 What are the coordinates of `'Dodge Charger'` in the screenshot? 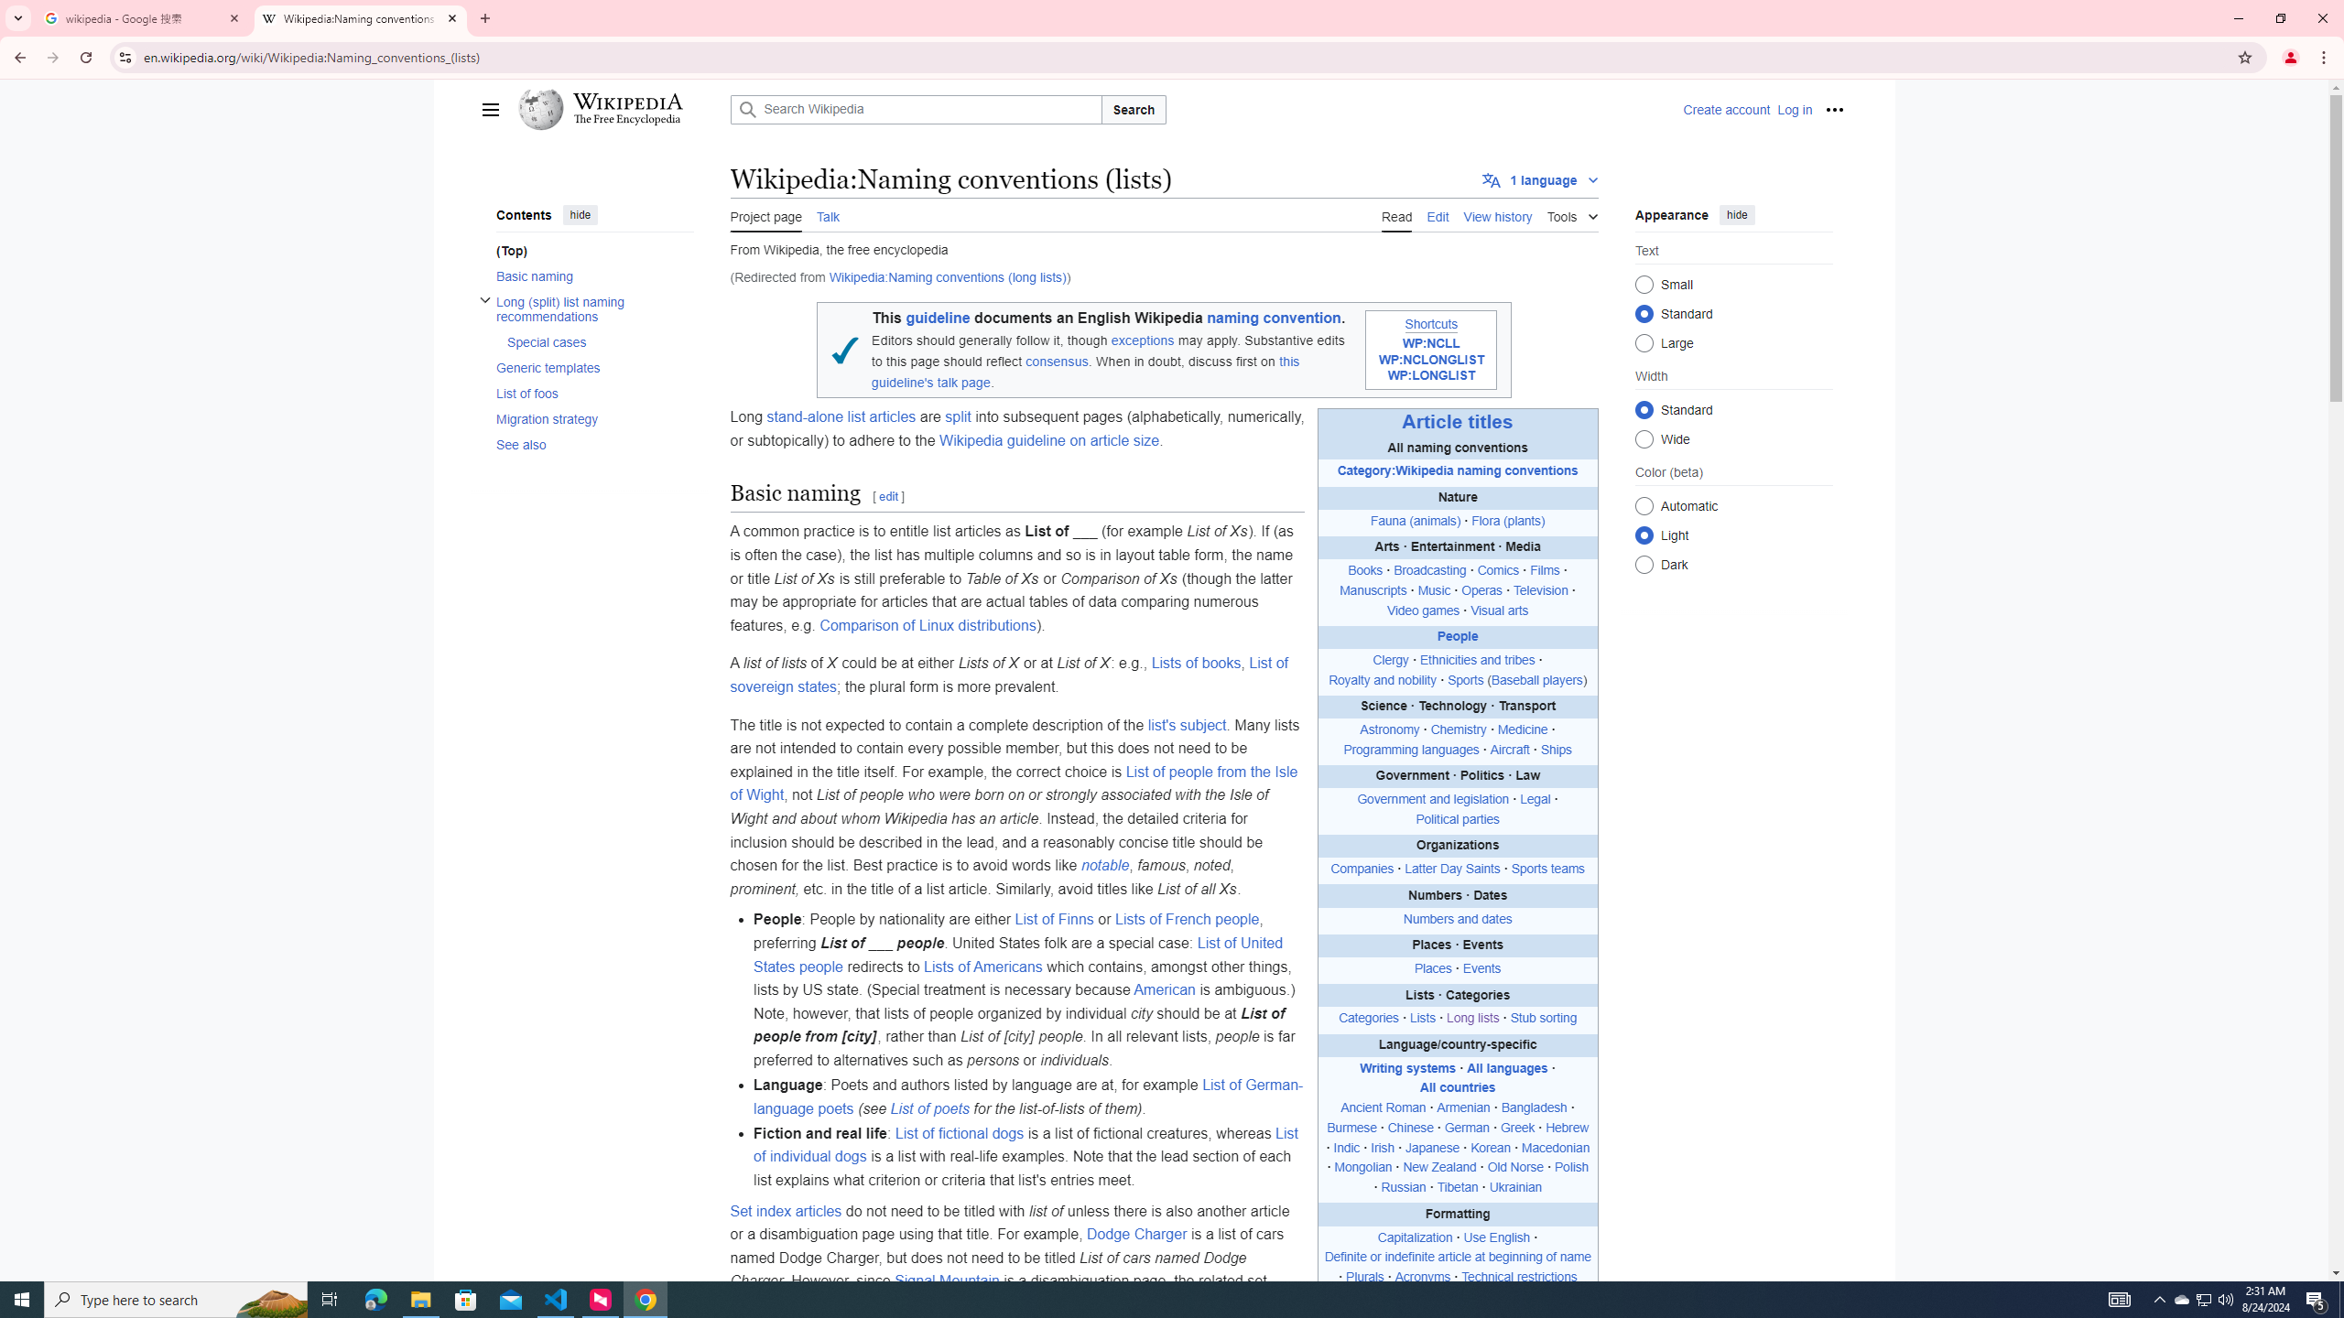 It's located at (1137, 1234).